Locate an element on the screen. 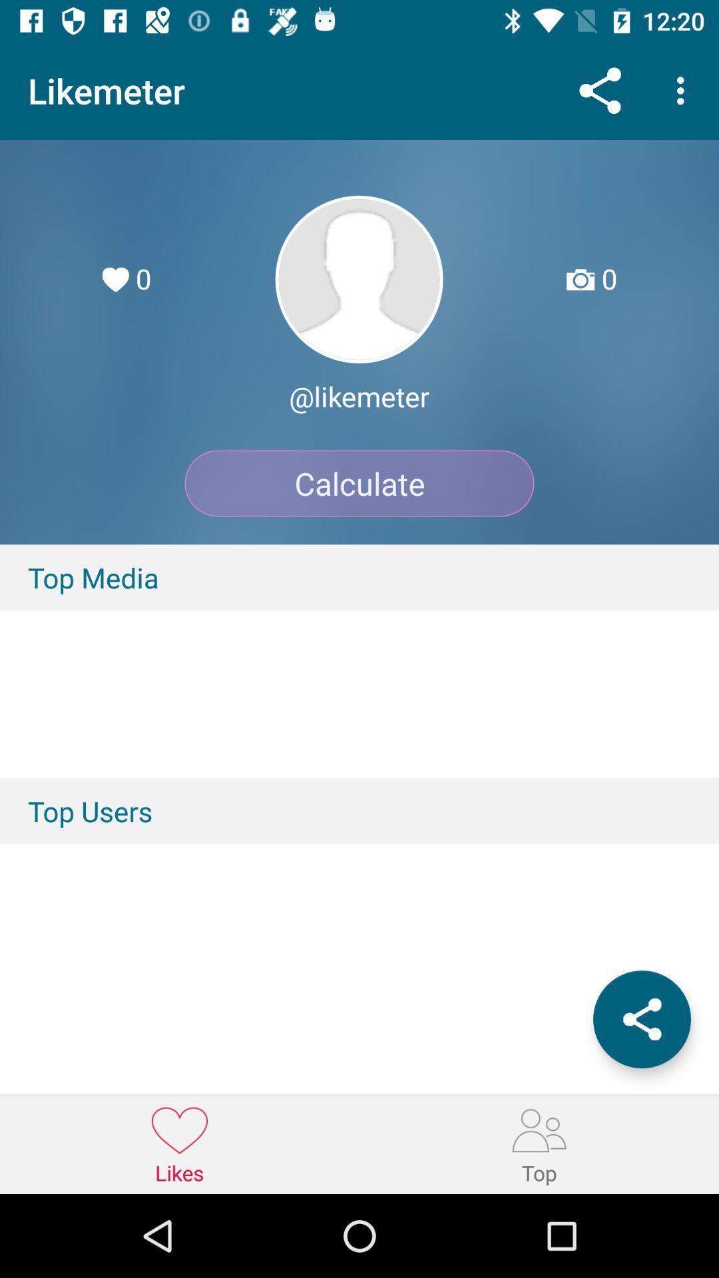  the item below @likemeter icon is located at coordinates (359, 483).